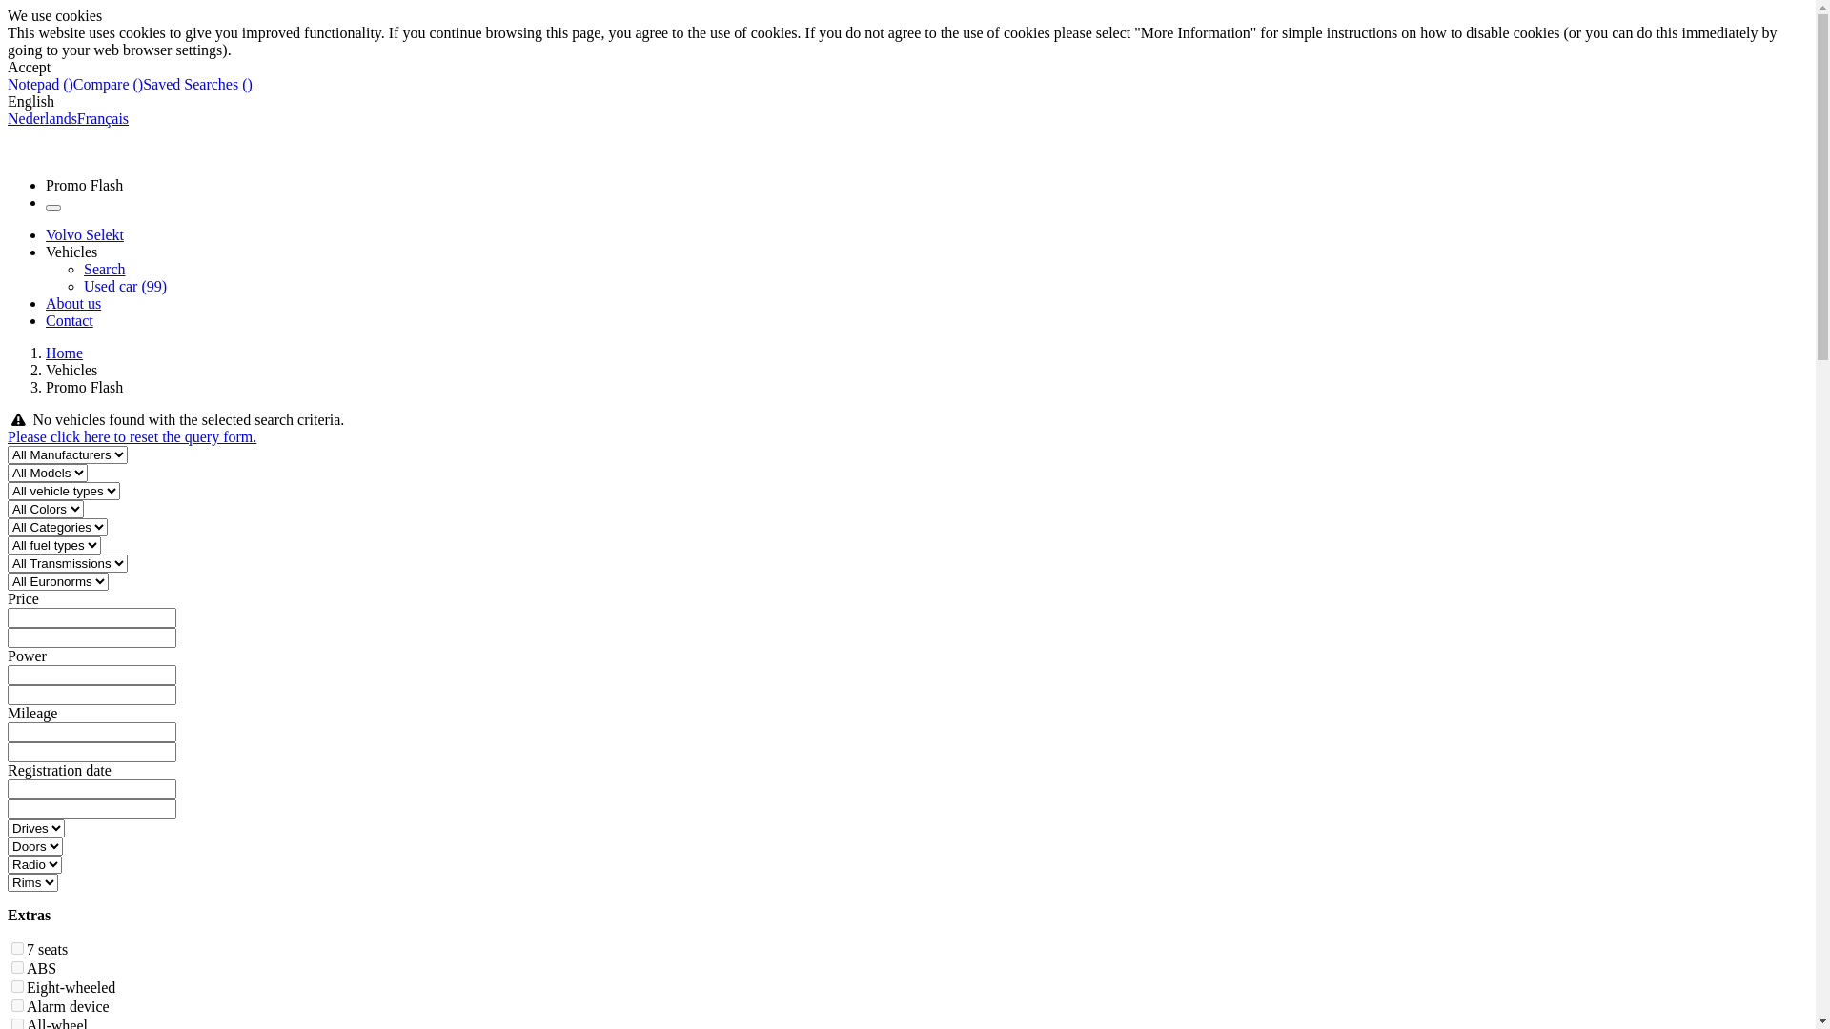 This screenshot has width=1830, height=1029. What do you see at coordinates (42, 118) in the screenshot?
I see `'Nederlands'` at bounding box center [42, 118].